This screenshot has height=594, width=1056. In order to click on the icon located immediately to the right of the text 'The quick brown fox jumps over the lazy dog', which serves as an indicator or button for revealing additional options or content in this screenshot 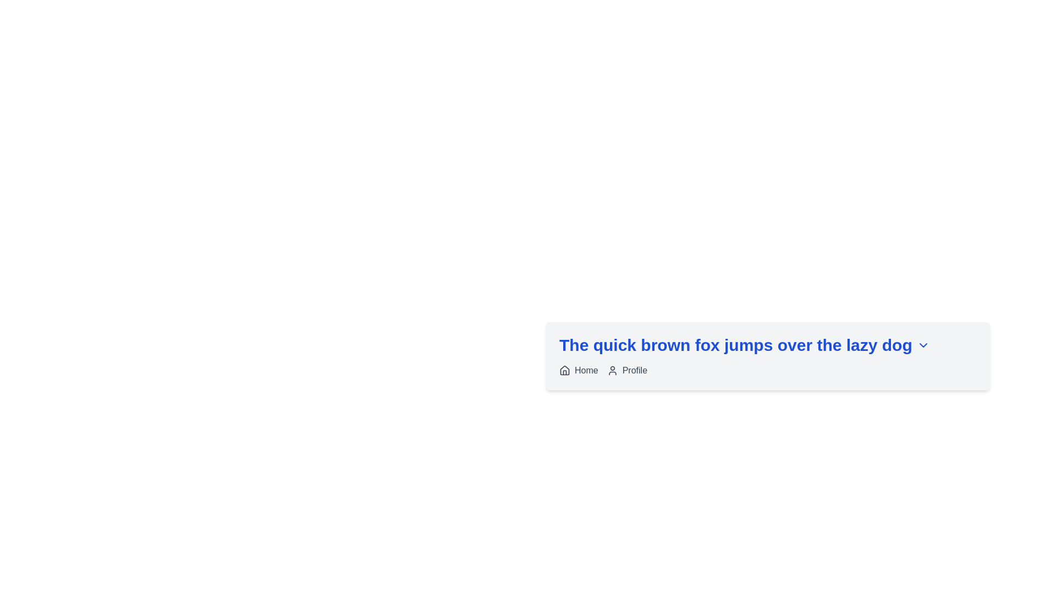, I will do `click(923, 345)`.